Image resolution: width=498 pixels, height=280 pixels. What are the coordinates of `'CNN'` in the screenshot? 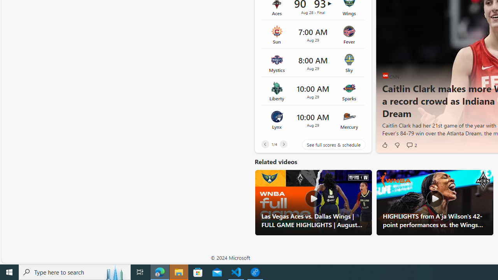 It's located at (385, 75).